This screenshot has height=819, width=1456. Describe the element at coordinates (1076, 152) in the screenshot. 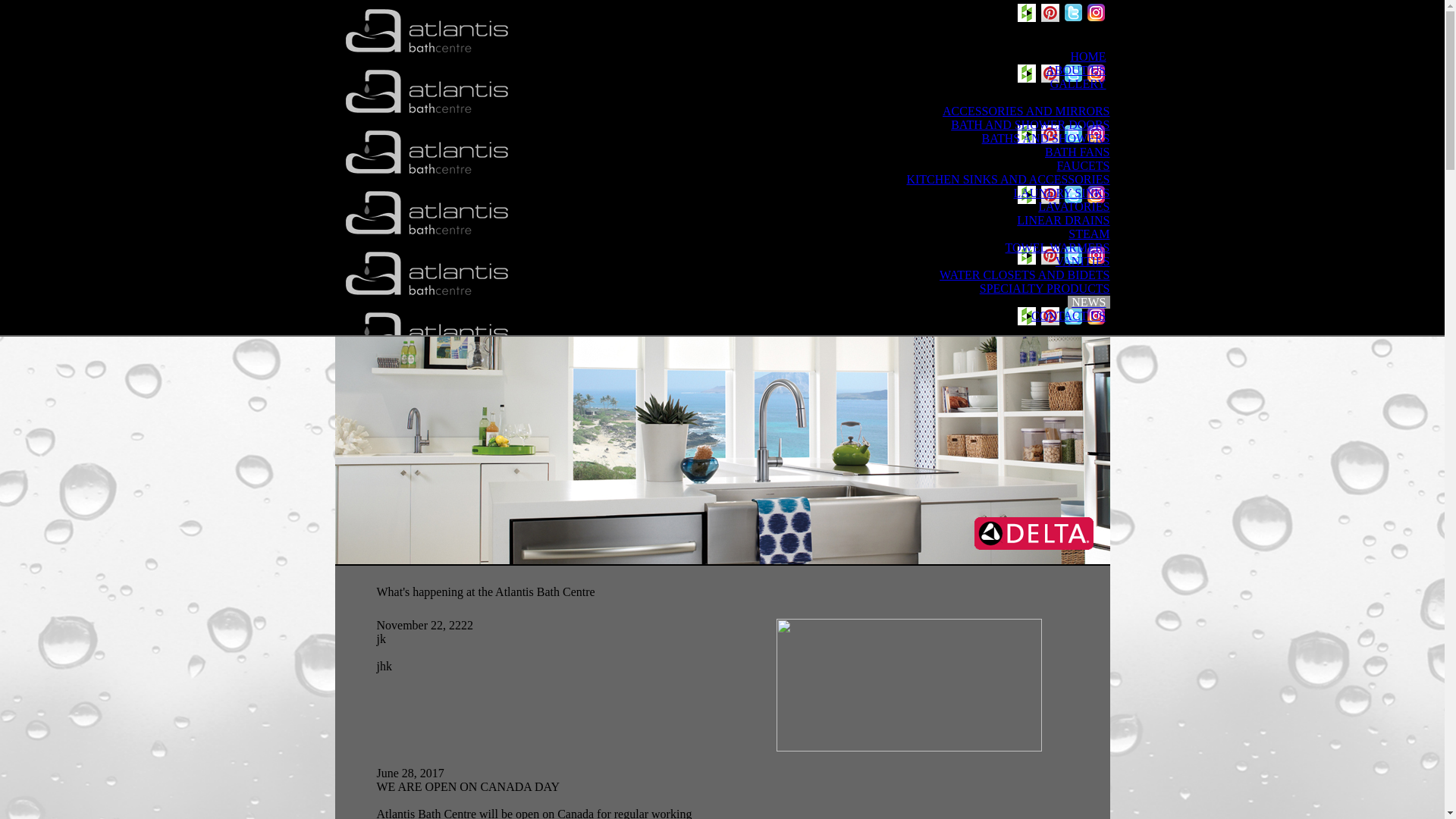

I see `'BATH FANS'` at that location.